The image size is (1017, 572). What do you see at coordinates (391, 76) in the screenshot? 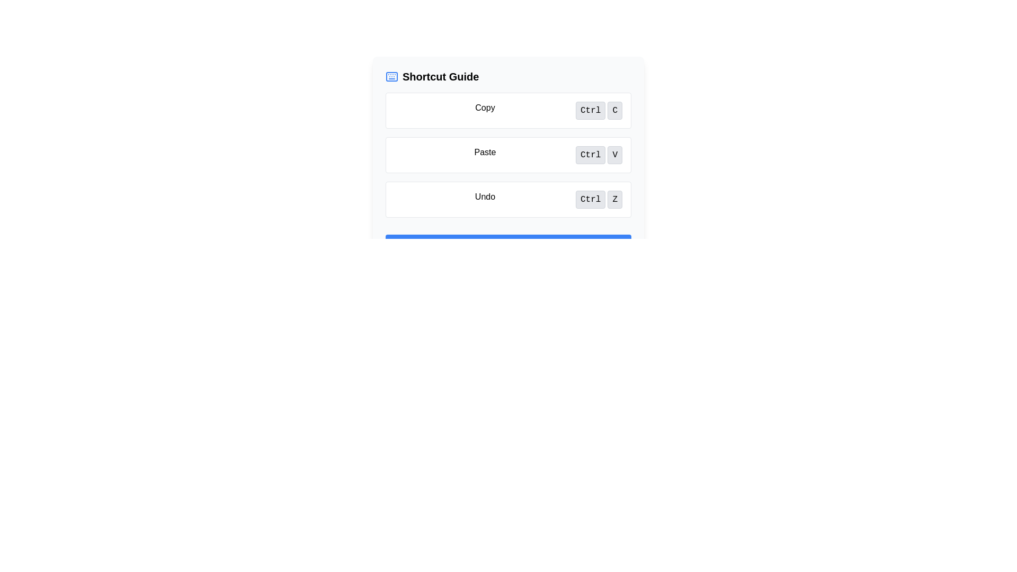
I see `the blue keyboard icon located to the left of the 'Shortcut Guide' header text` at bounding box center [391, 76].